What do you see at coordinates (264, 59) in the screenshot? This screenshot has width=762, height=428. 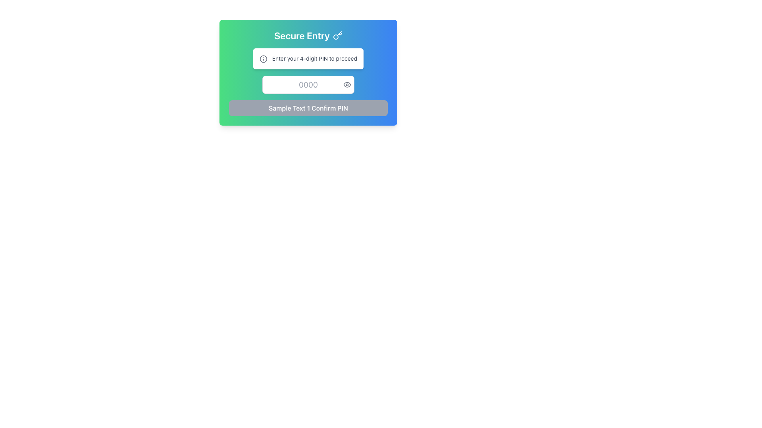 I see `the informational icon located to the immediate left of the text 'Enter your 4-digit PIN to proceed'` at bounding box center [264, 59].